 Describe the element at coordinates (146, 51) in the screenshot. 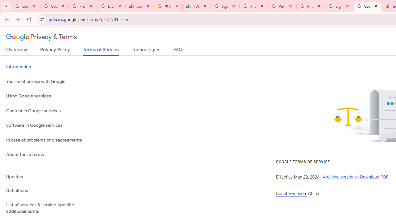

I see `'Technologies'` at that location.